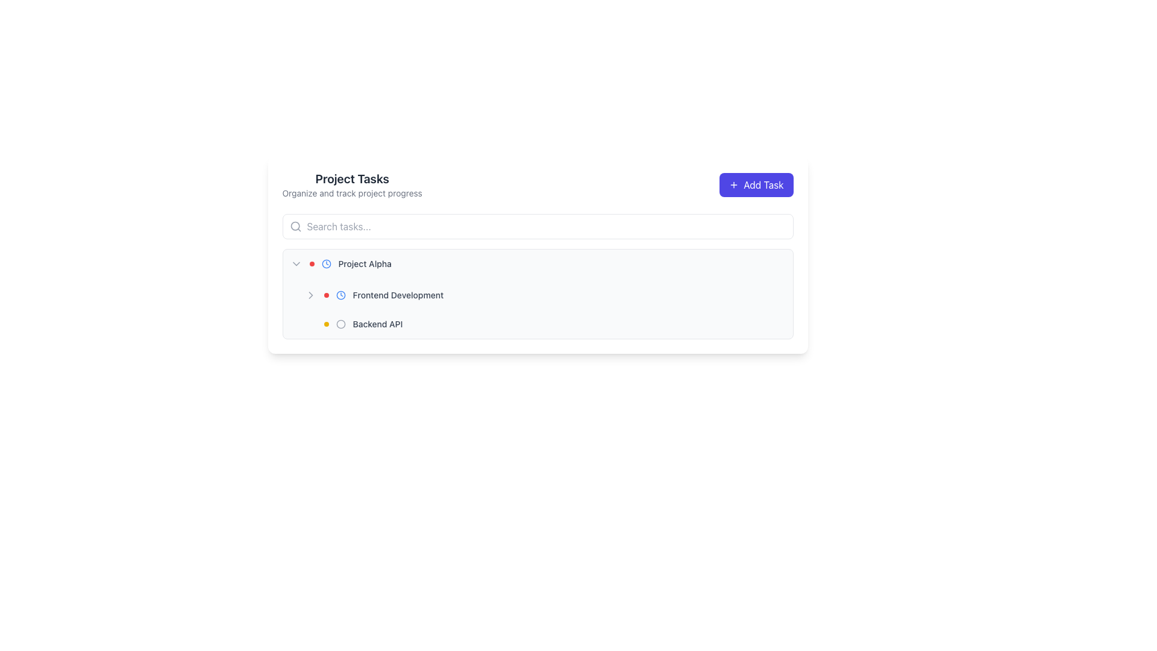  What do you see at coordinates (351, 185) in the screenshot?
I see `the text element titled 'Project Tasks' which includes the subtitle 'Organize and track project progress'` at bounding box center [351, 185].